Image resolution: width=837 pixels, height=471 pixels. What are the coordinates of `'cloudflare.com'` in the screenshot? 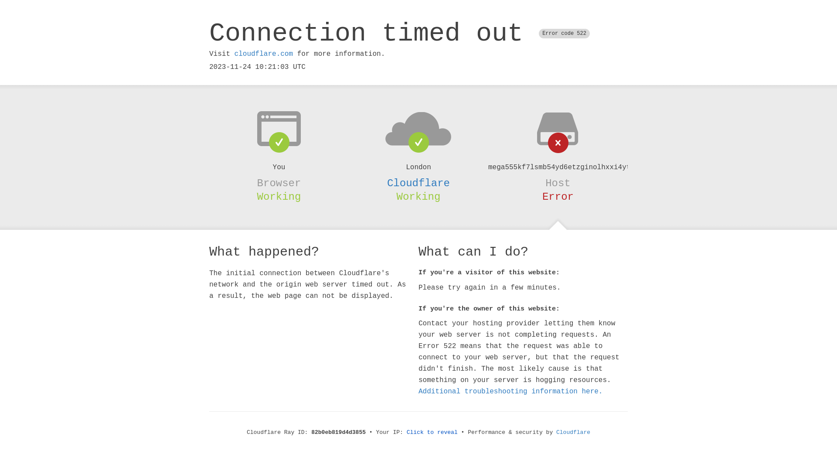 It's located at (263, 54).